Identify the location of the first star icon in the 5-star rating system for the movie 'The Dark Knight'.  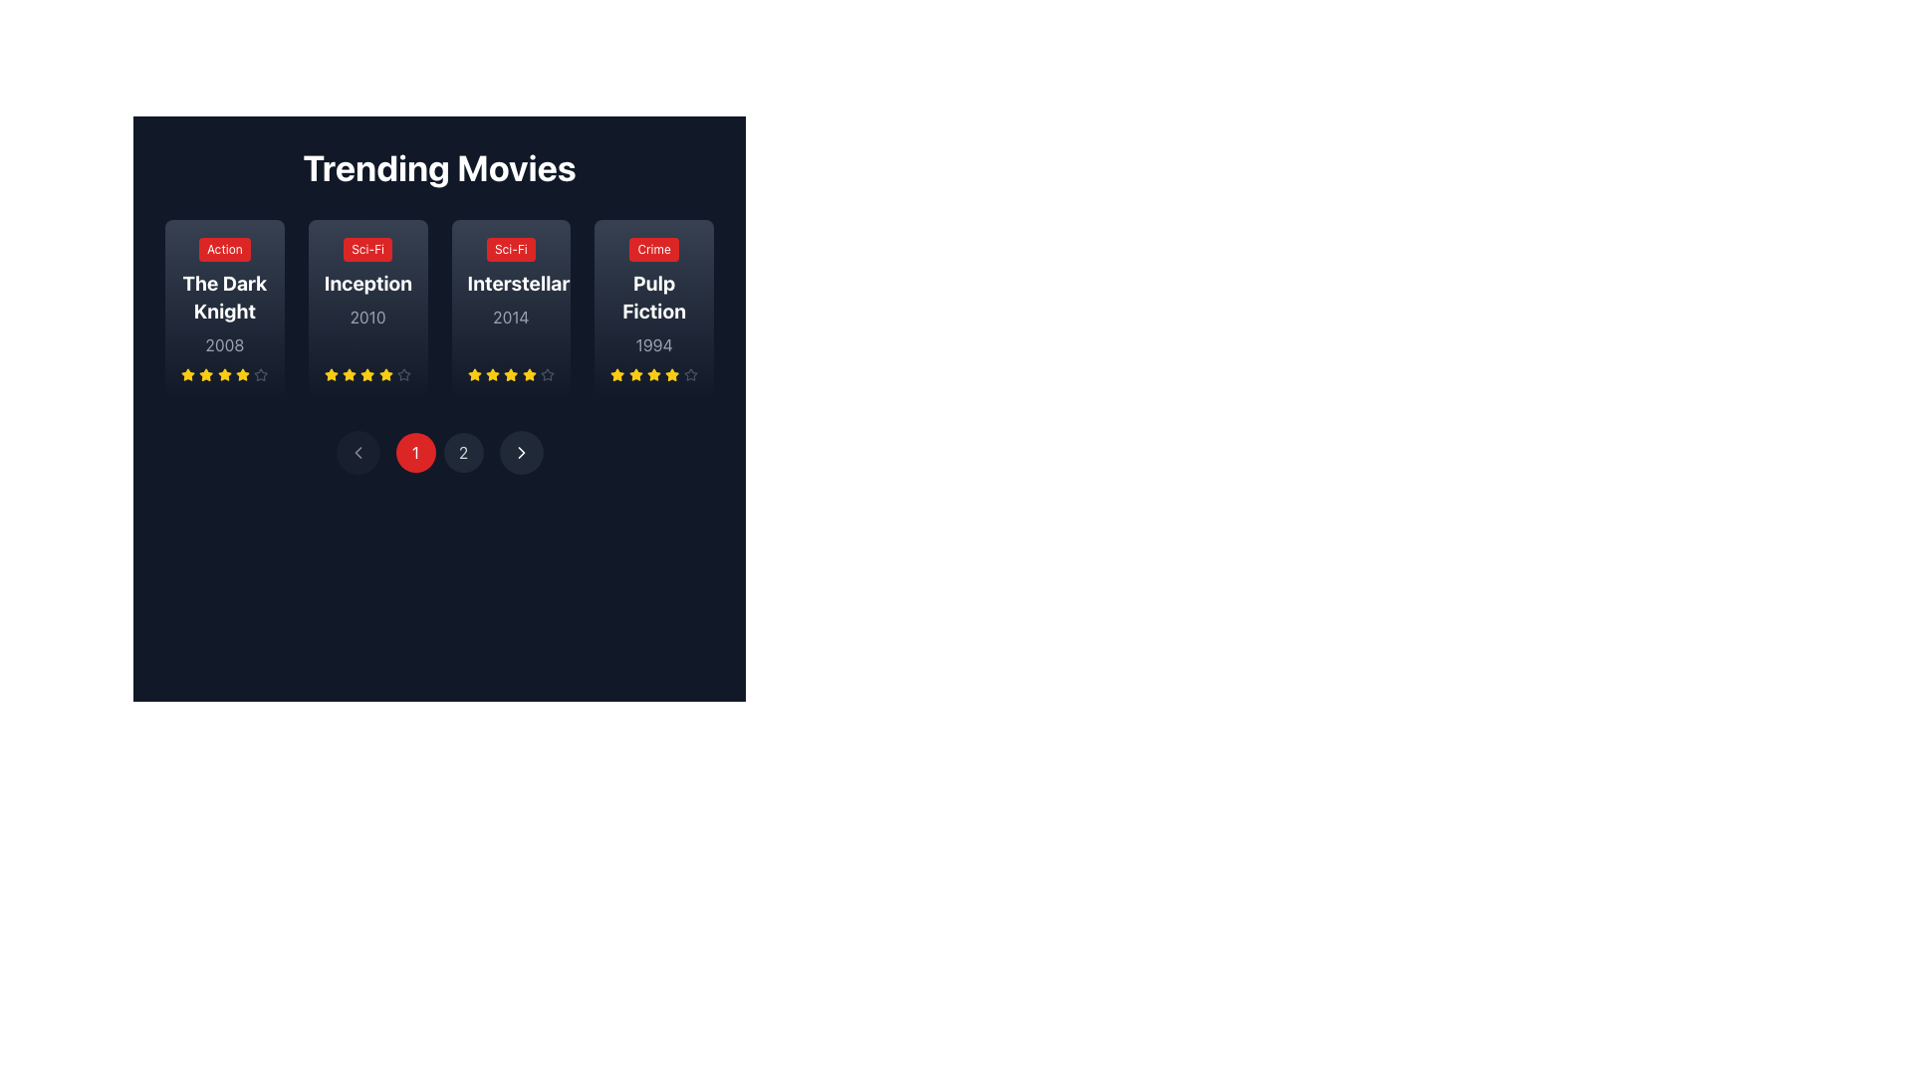
(188, 374).